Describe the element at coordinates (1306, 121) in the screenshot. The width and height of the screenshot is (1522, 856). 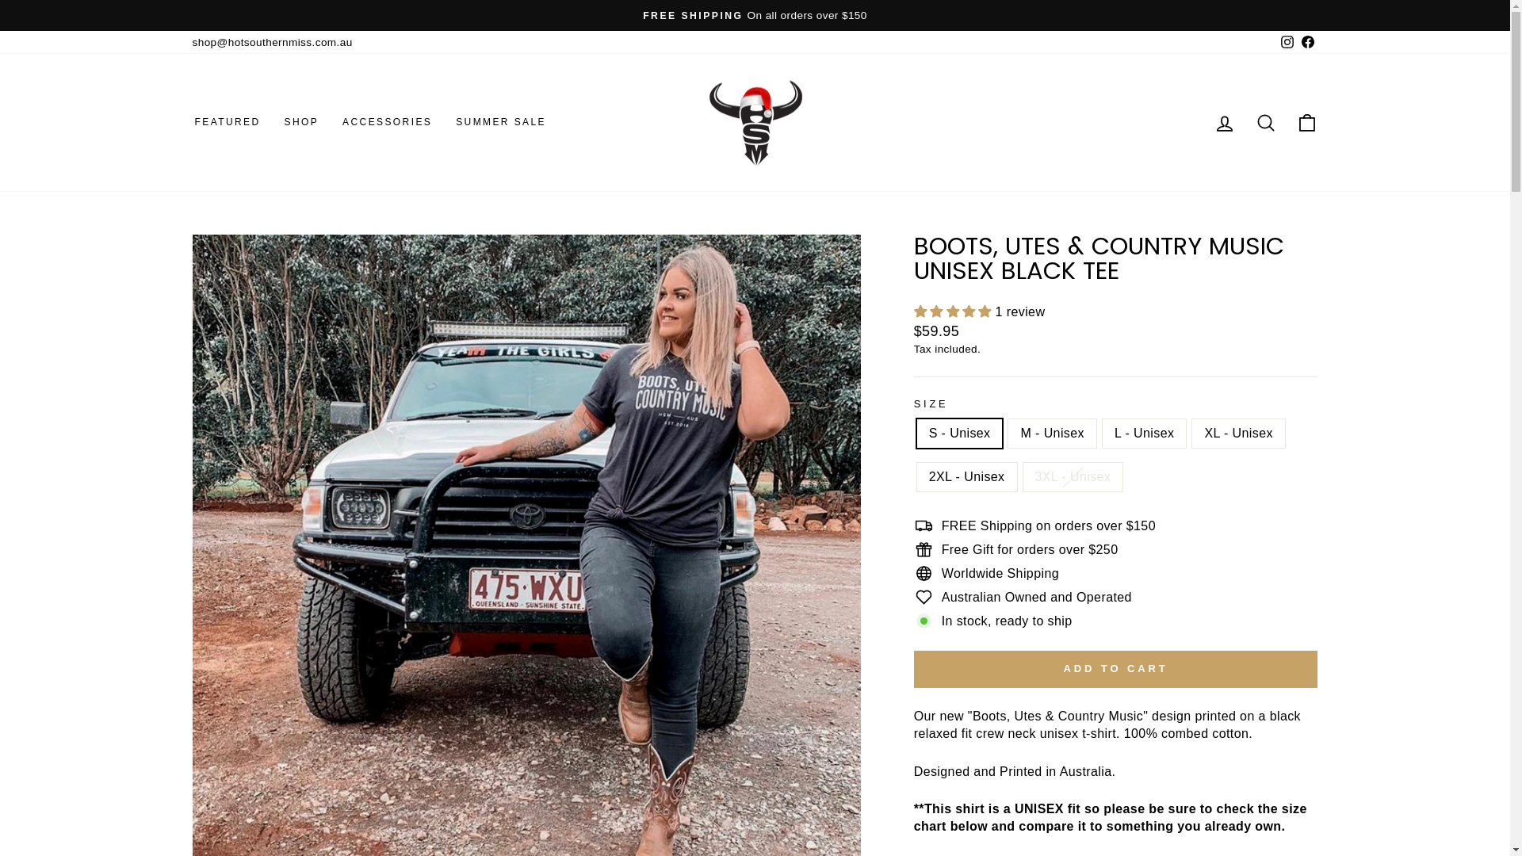
I see `'CART'` at that location.